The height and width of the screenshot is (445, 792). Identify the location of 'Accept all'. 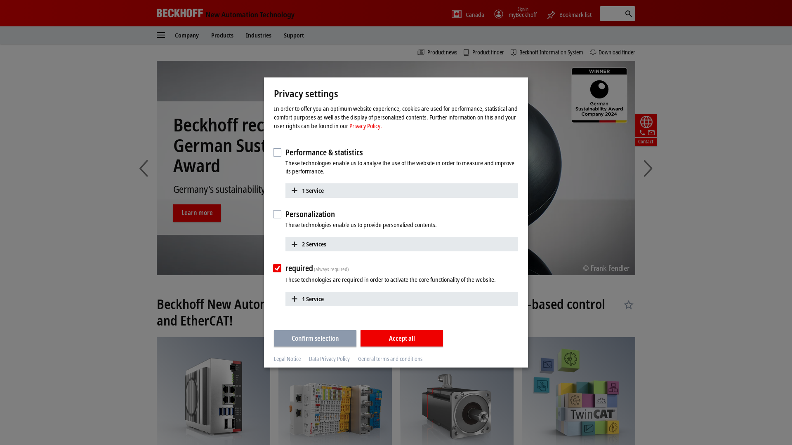
(360, 338).